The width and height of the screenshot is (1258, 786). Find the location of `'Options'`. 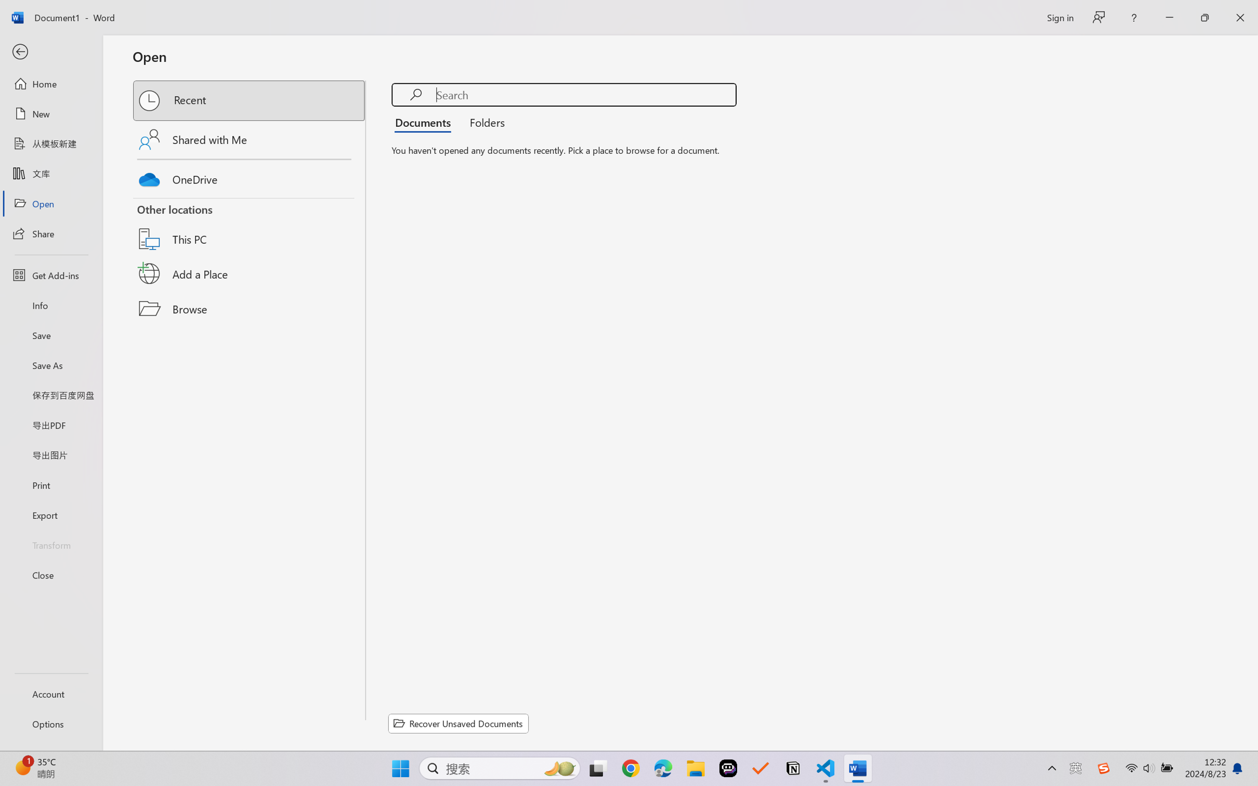

'Options' is located at coordinates (50, 723).